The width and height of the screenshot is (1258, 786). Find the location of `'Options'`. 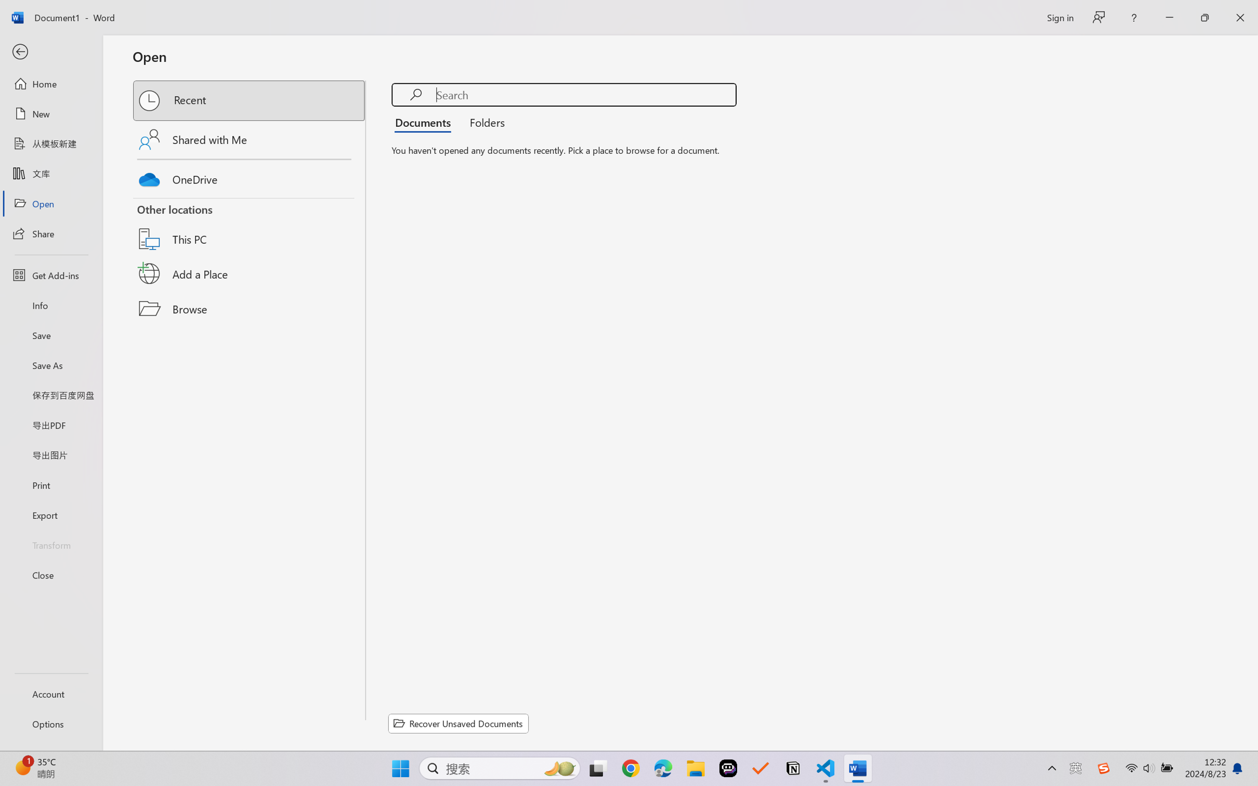

'Options' is located at coordinates (50, 723).